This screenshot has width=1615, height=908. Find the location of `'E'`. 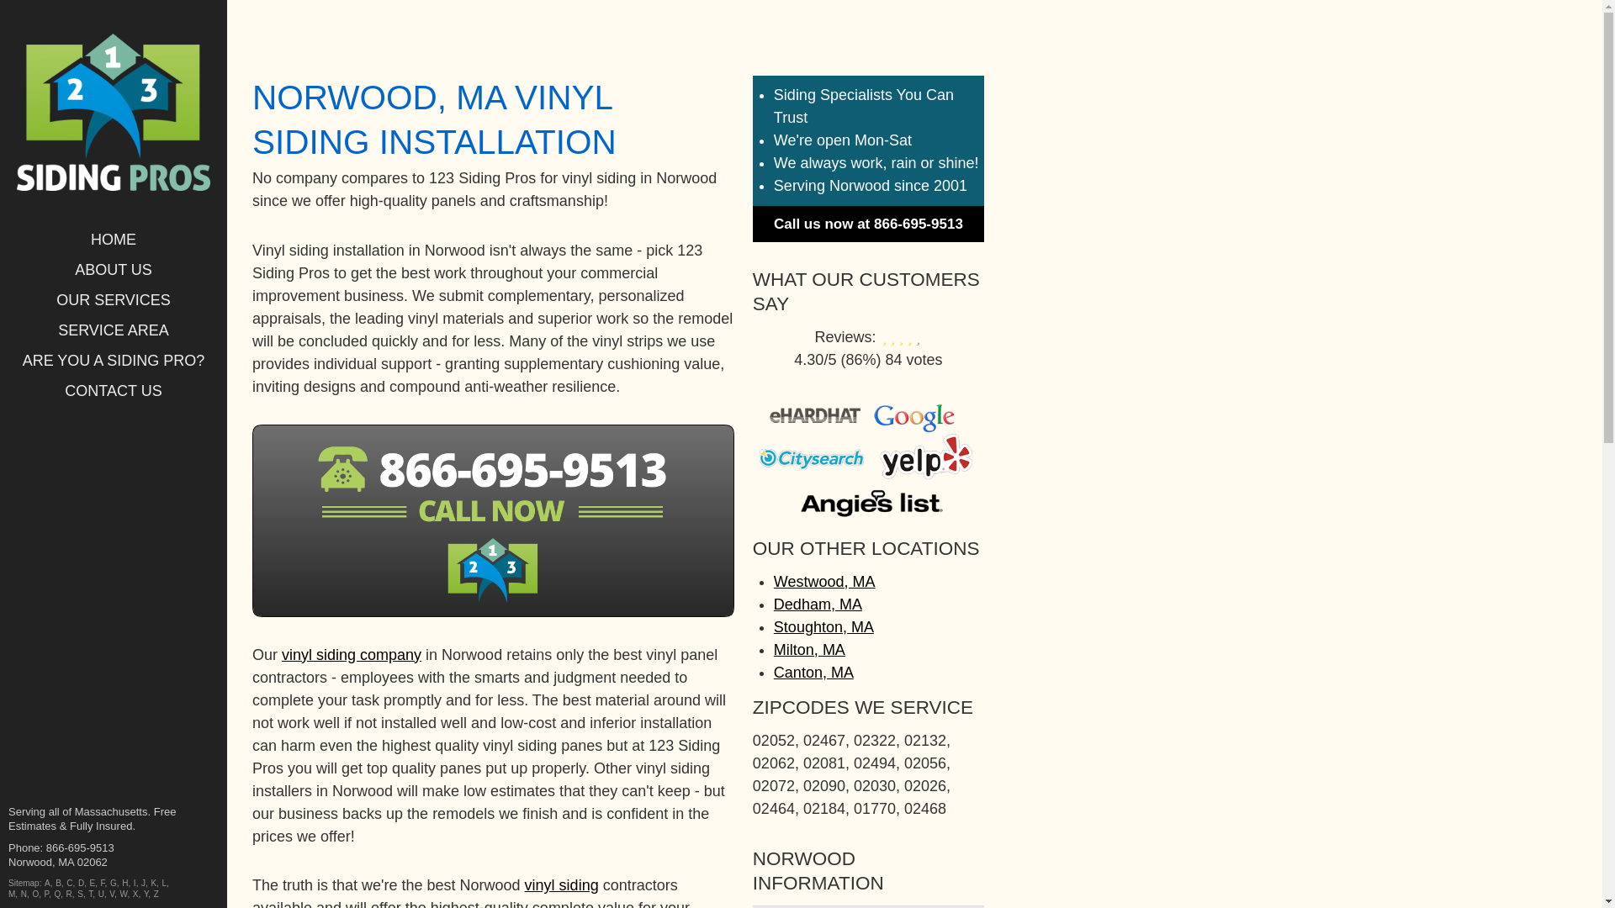

'E' is located at coordinates (88, 882).